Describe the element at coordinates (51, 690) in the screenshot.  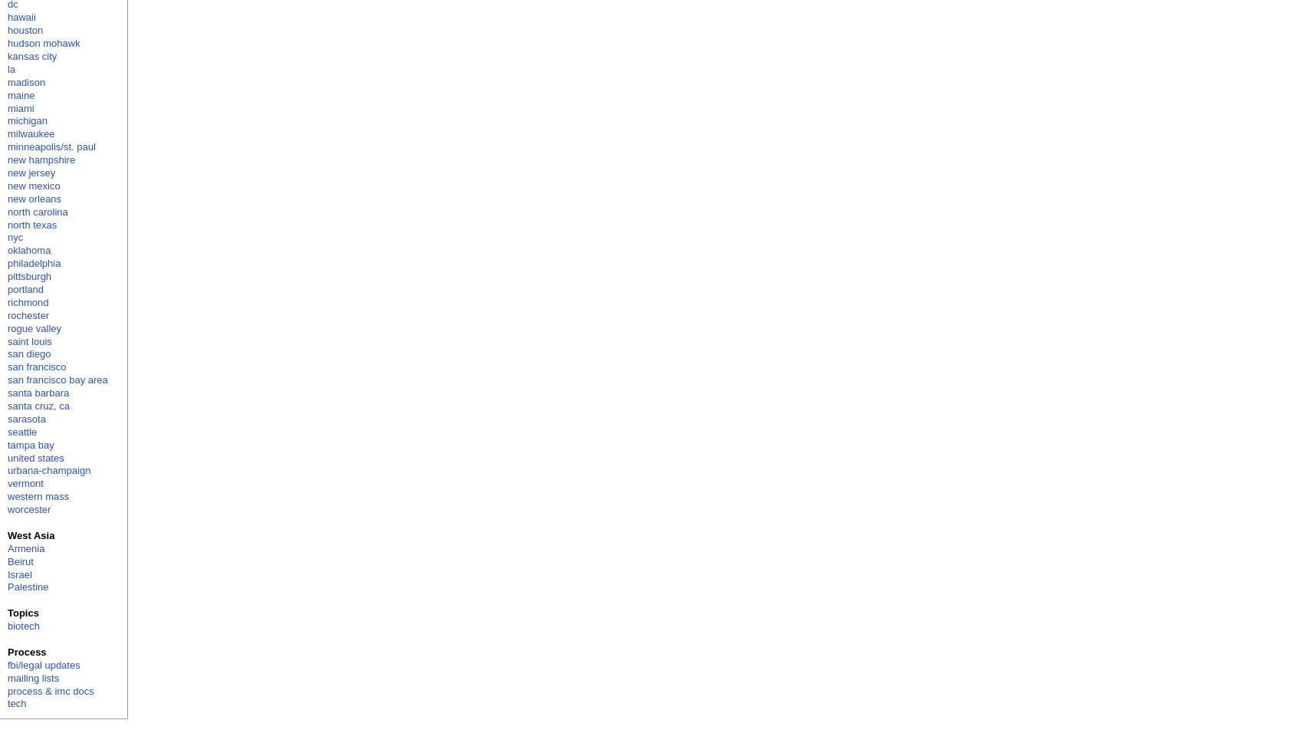
I see `'process & imc docs'` at that location.